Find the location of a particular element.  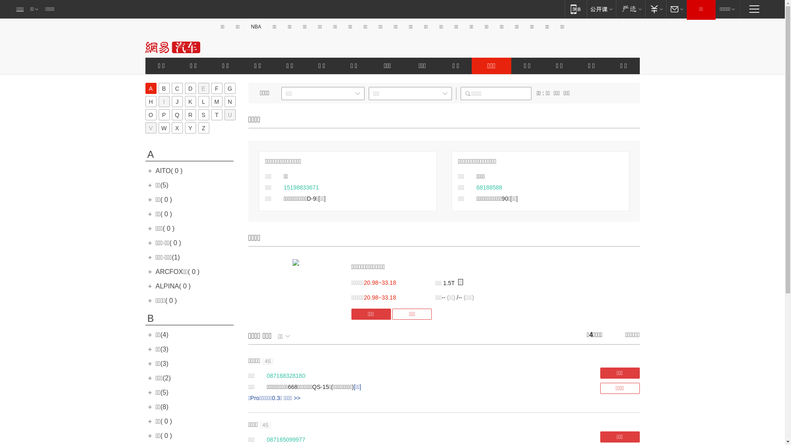

'S' is located at coordinates (203, 115).